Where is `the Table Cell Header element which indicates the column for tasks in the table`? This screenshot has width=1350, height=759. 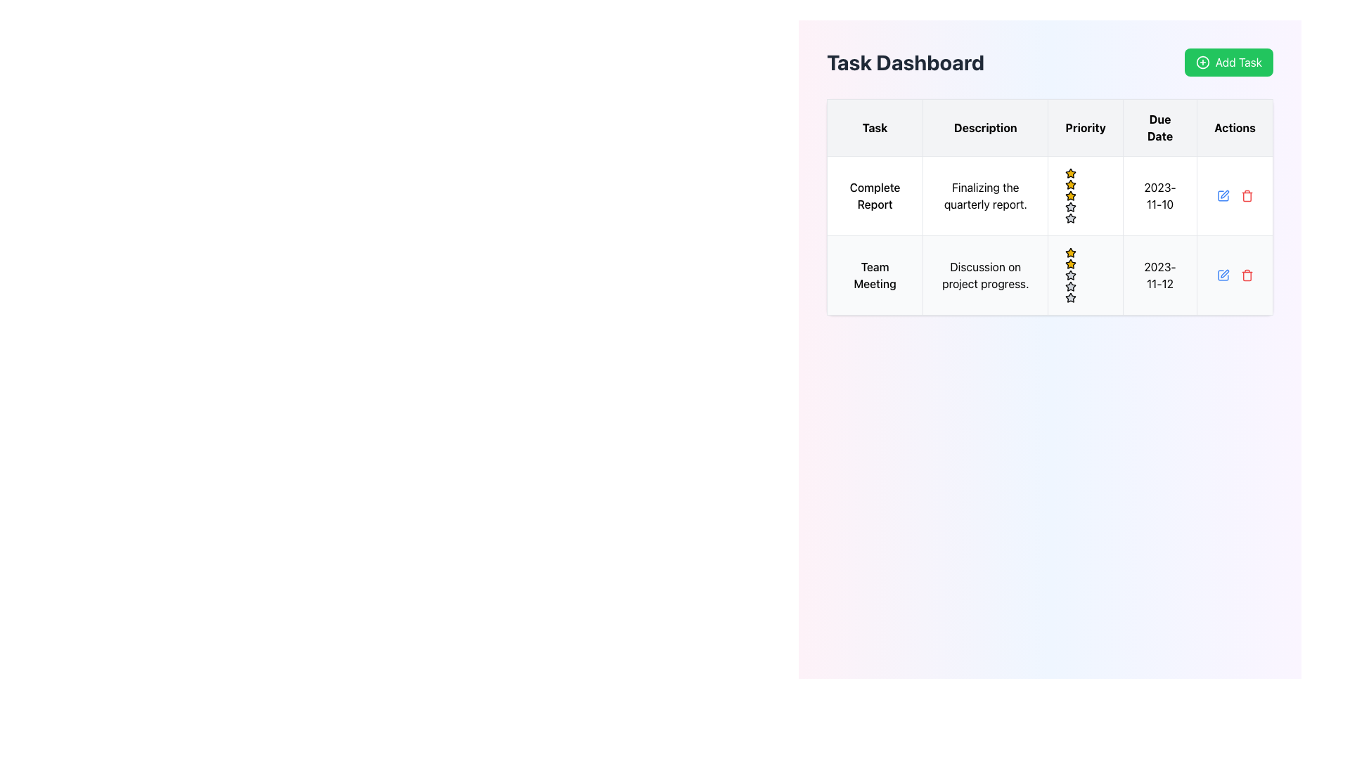 the Table Cell Header element which indicates the column for tasks in the table is located at coordinates (874, 127).